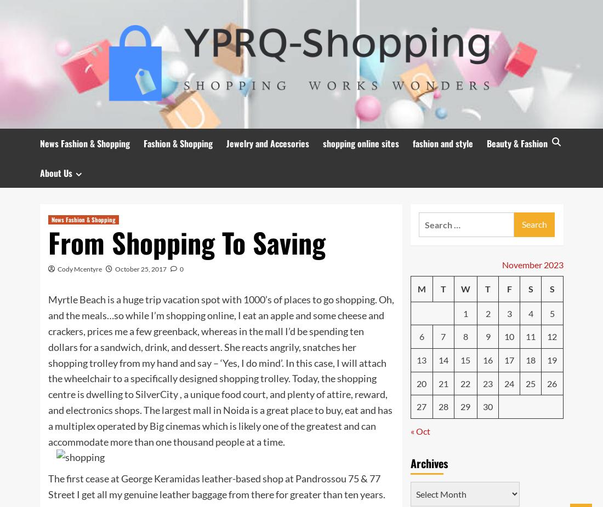  Describe the element at coordinates (525, 383) in the screenshot. I see `'25'` at that location.